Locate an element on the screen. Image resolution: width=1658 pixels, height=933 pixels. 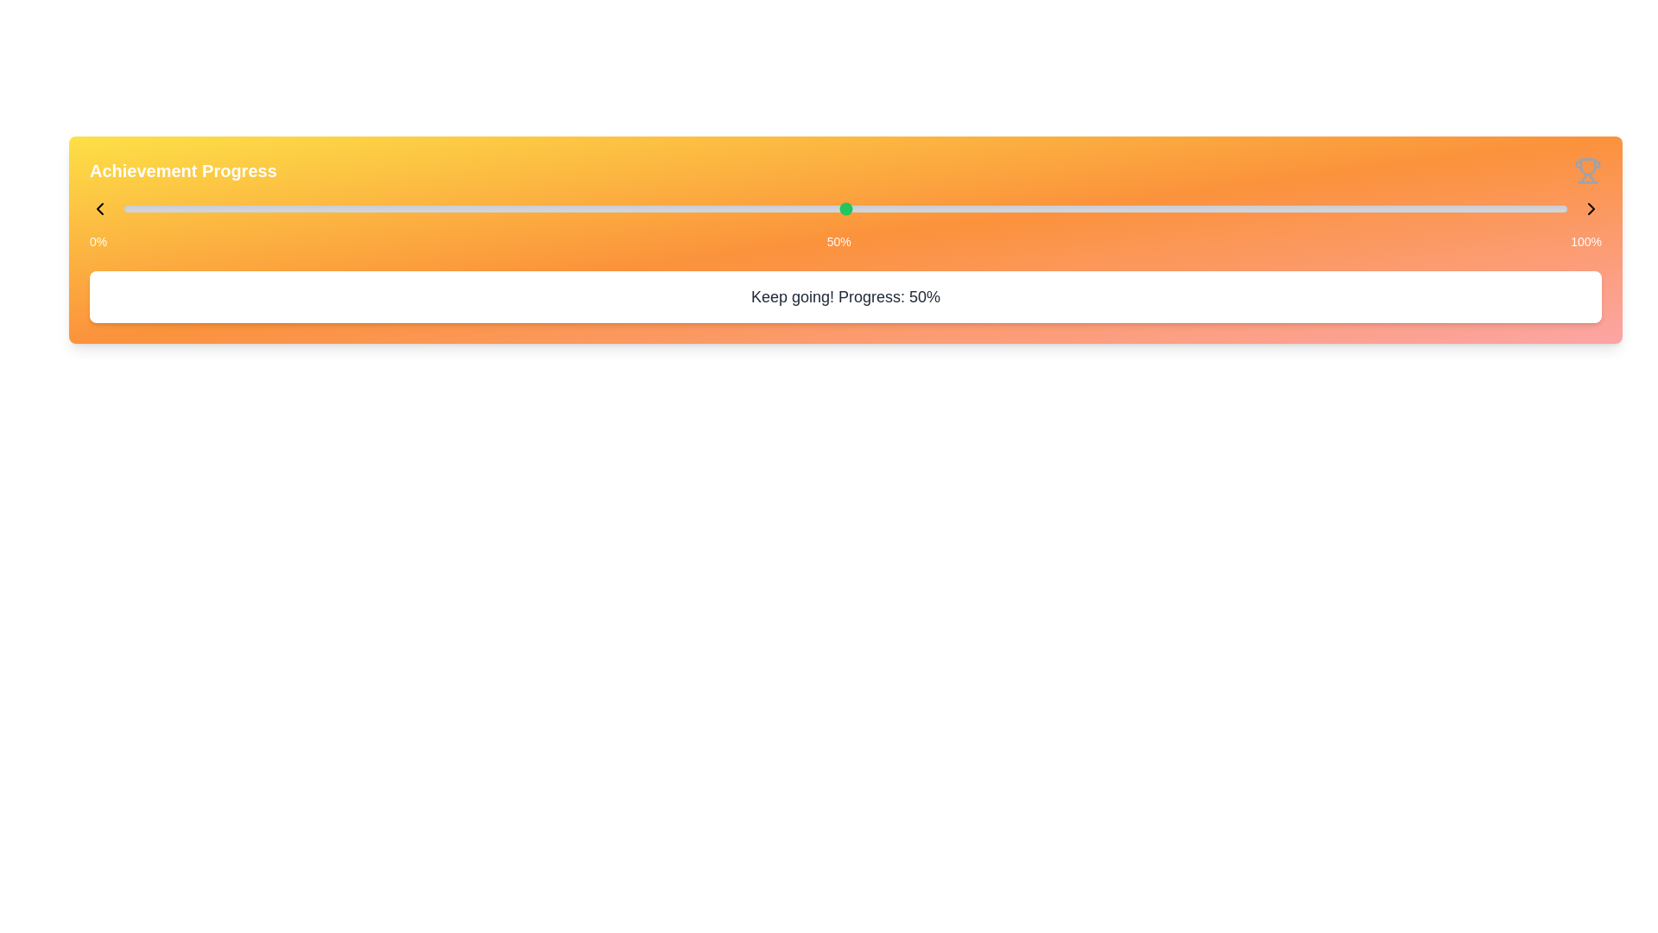
the 'Achievement Progress' text label is located at coordinates (183, 170).